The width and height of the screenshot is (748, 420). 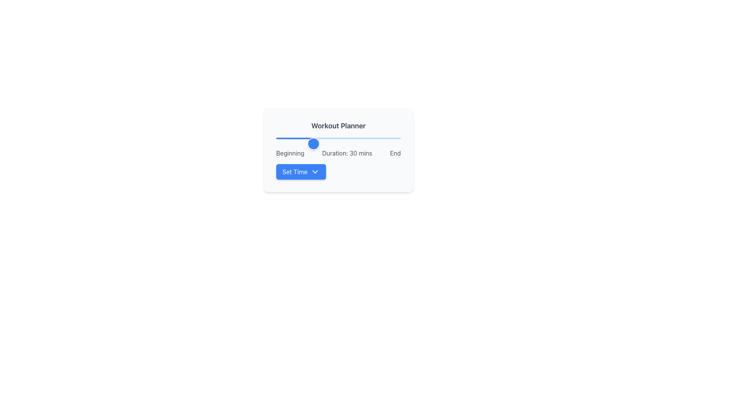 I want to click on the slider handle, so click(x=155, y=144).